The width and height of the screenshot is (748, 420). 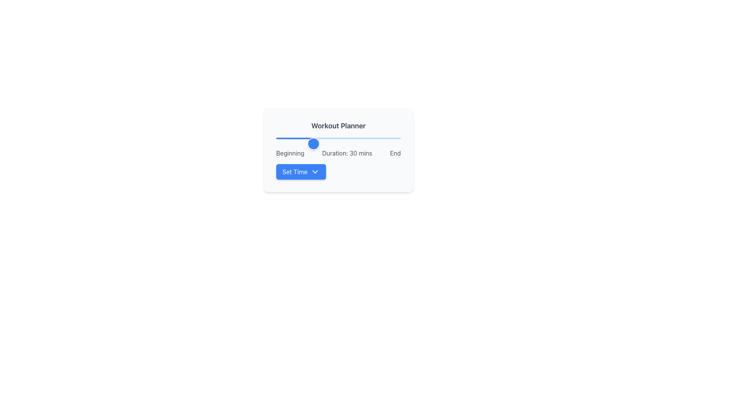 I want to click on the slider handle, so click(x=155, y=144).